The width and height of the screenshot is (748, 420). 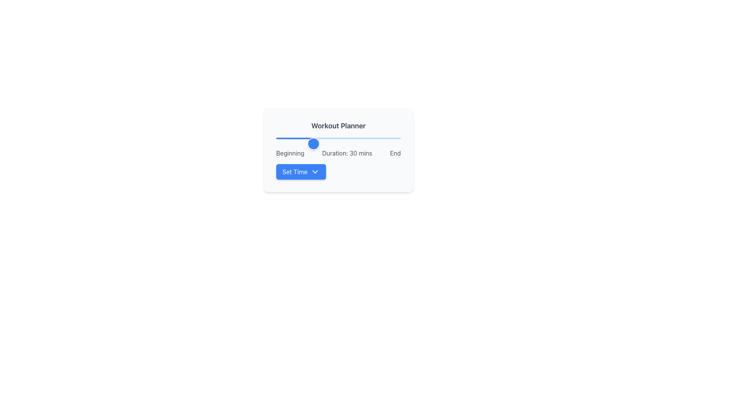 I want to click on the slider handle, so click(x=155, y=144).